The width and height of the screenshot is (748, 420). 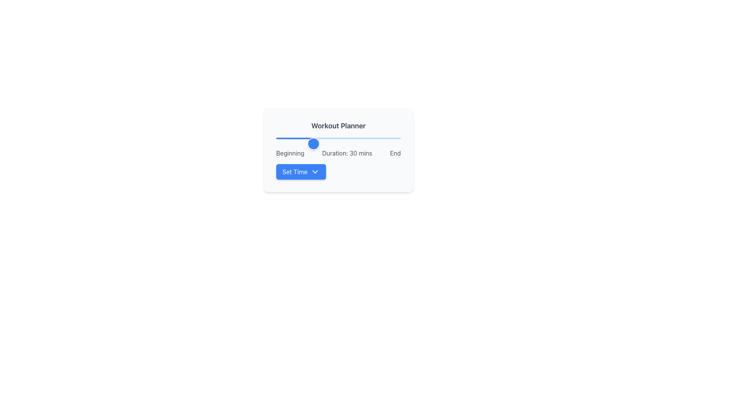 I want to click on the slider handle, so click(x=155, y=144).